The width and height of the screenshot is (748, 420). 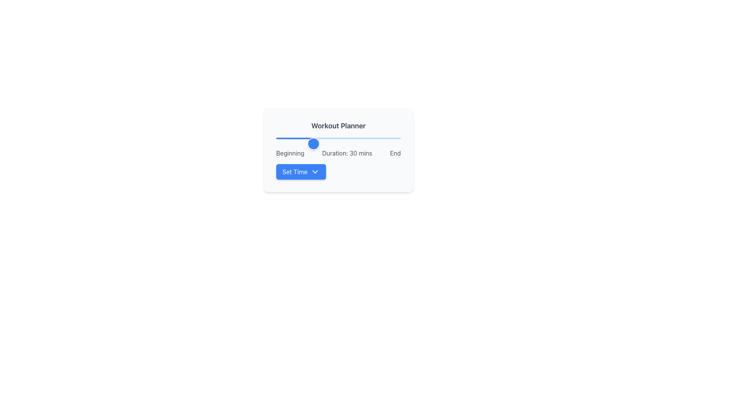 I want to click on the slider handle, so click(x=155, y=144).